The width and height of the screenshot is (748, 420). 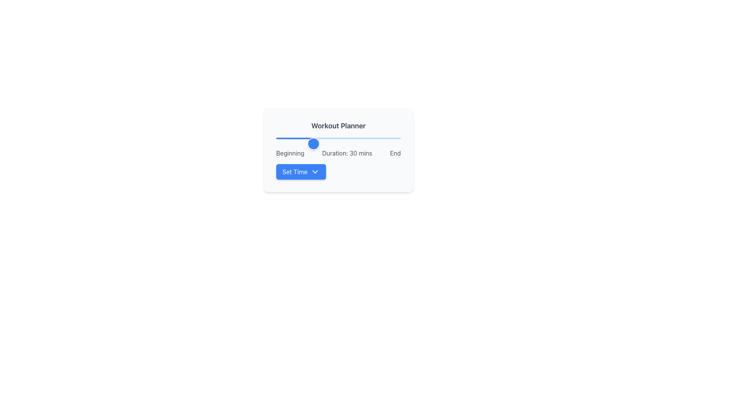 I want to click on the slider handle, so click(x=155, y=144).